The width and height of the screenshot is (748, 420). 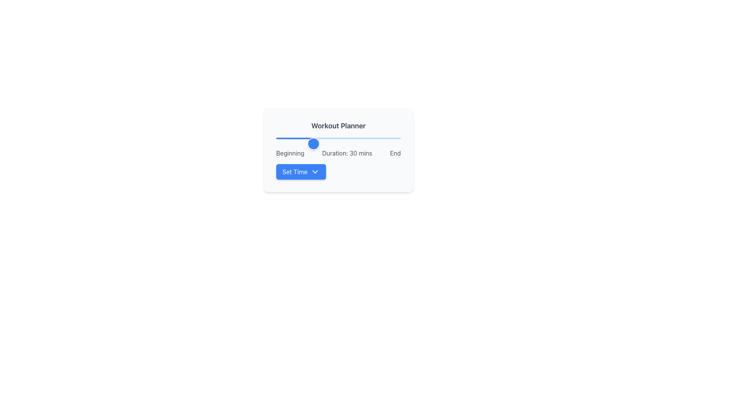 I want to click on the slider handle, so click(x=155, y=144).